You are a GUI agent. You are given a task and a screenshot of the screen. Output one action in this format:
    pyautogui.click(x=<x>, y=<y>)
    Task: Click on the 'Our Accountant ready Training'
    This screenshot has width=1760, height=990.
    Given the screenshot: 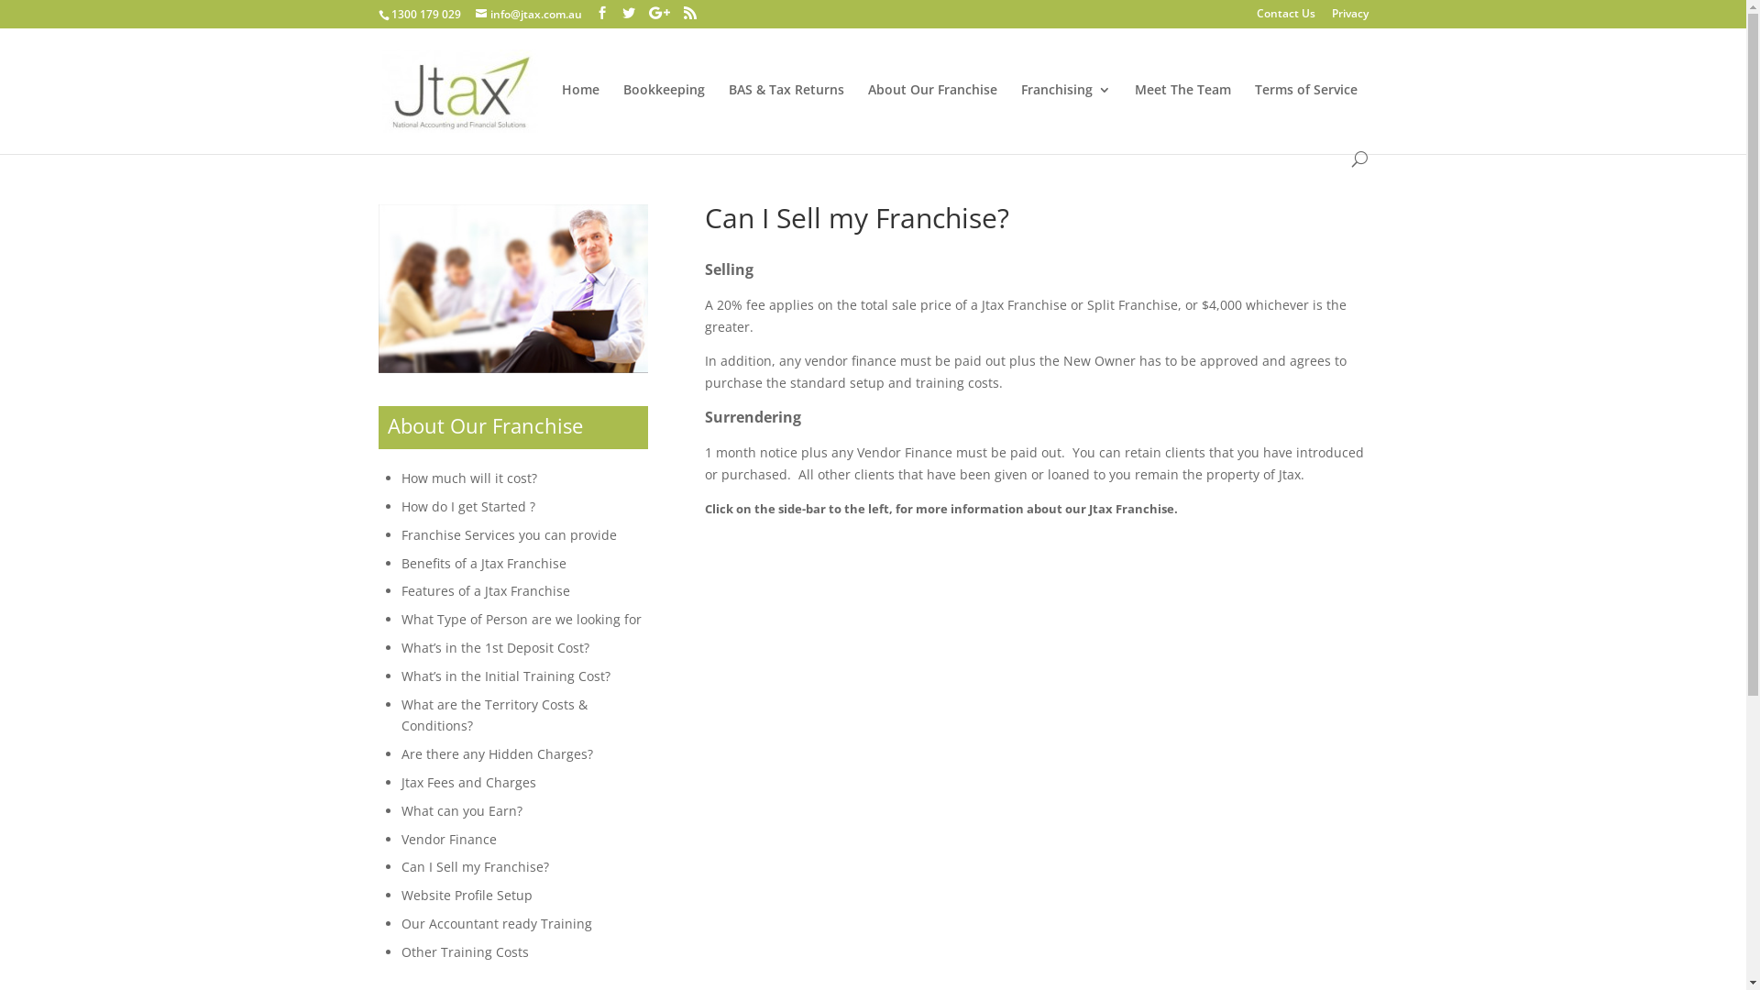 What is the action you would take?
    pyautogui.click(x=497, y=923)
    